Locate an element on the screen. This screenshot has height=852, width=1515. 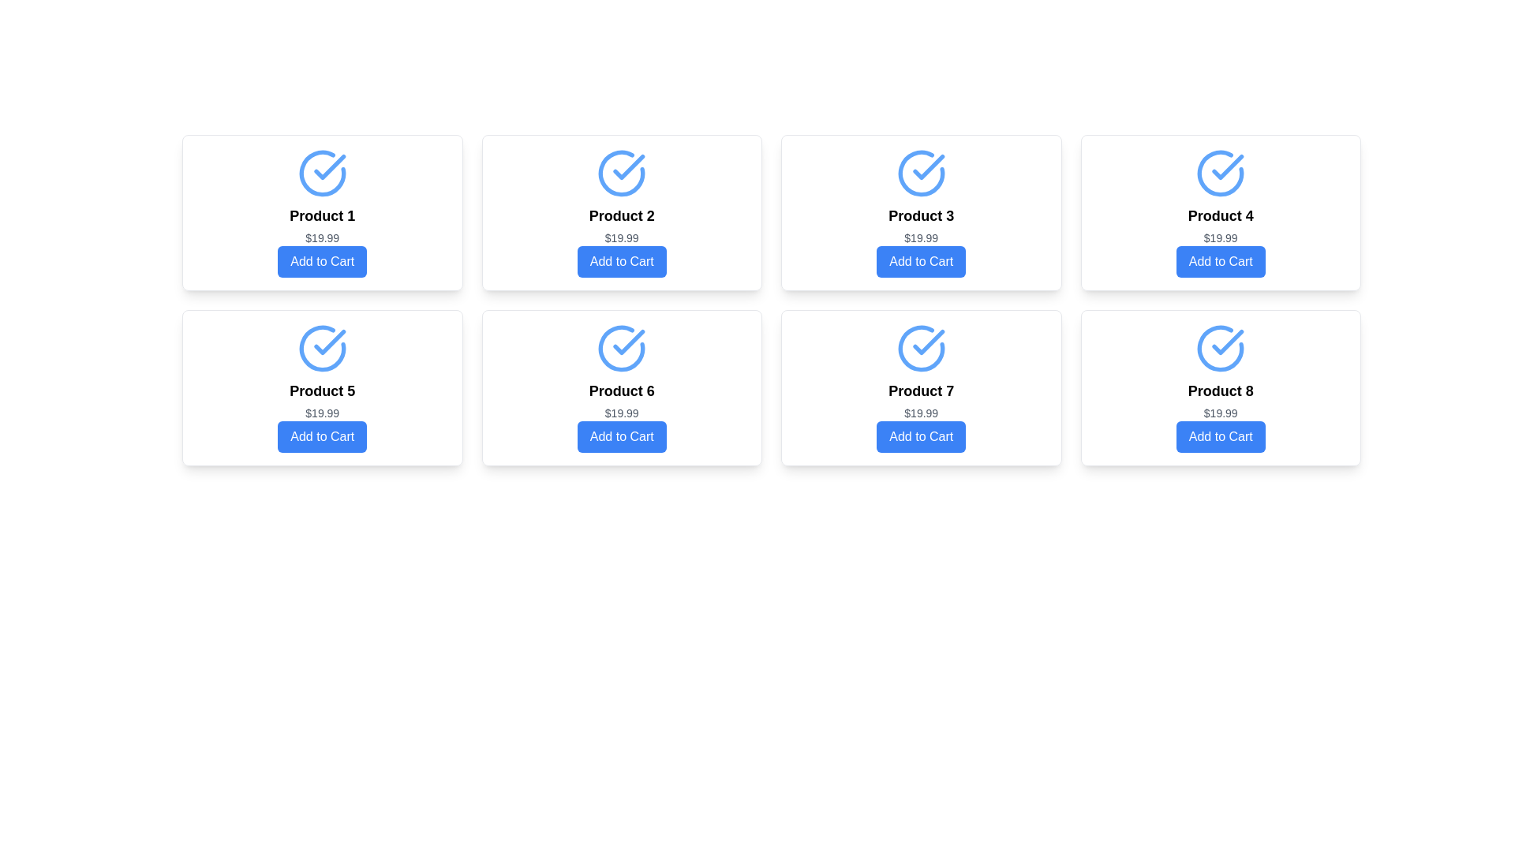
the sixth 'Add to Cart' button located in the bottom-right quadrant of the 'Product 6' card is located at coordinates (621, 437).